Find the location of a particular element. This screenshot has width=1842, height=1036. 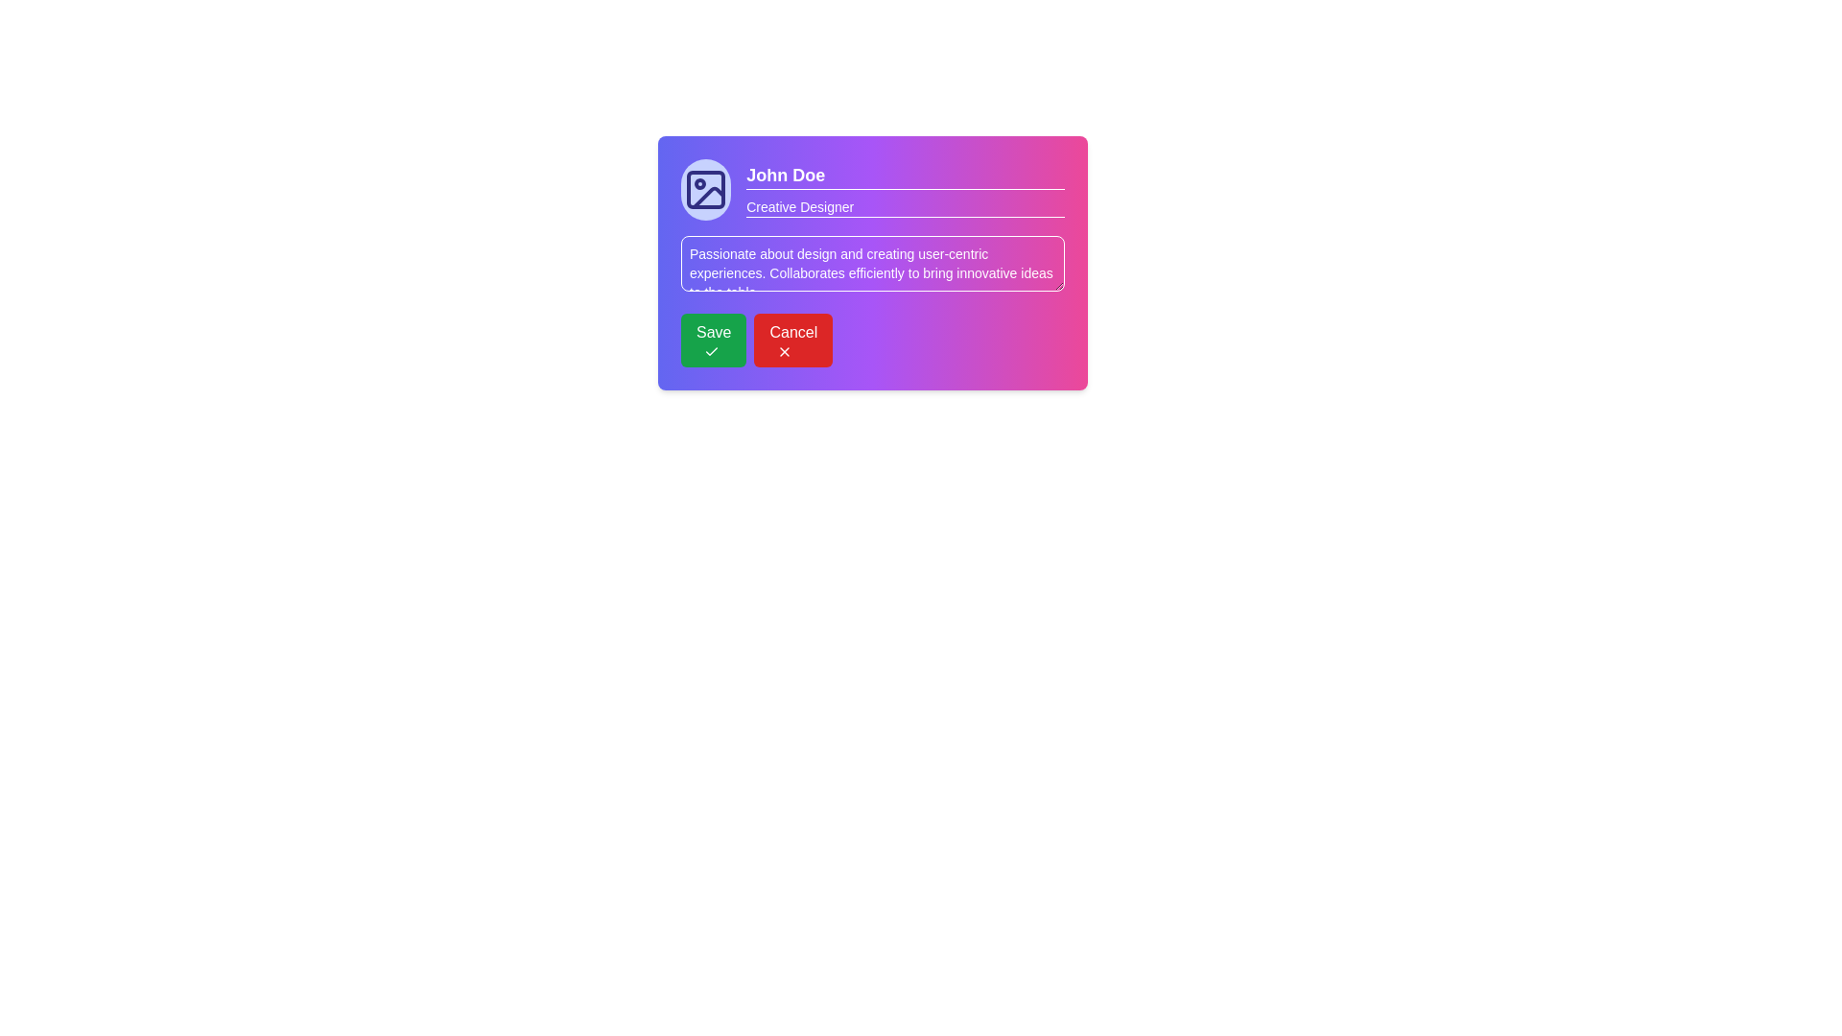

on the text area box located below the 'Role' input field, which contains descriptive content about the user is located at coordinates (872, 263).